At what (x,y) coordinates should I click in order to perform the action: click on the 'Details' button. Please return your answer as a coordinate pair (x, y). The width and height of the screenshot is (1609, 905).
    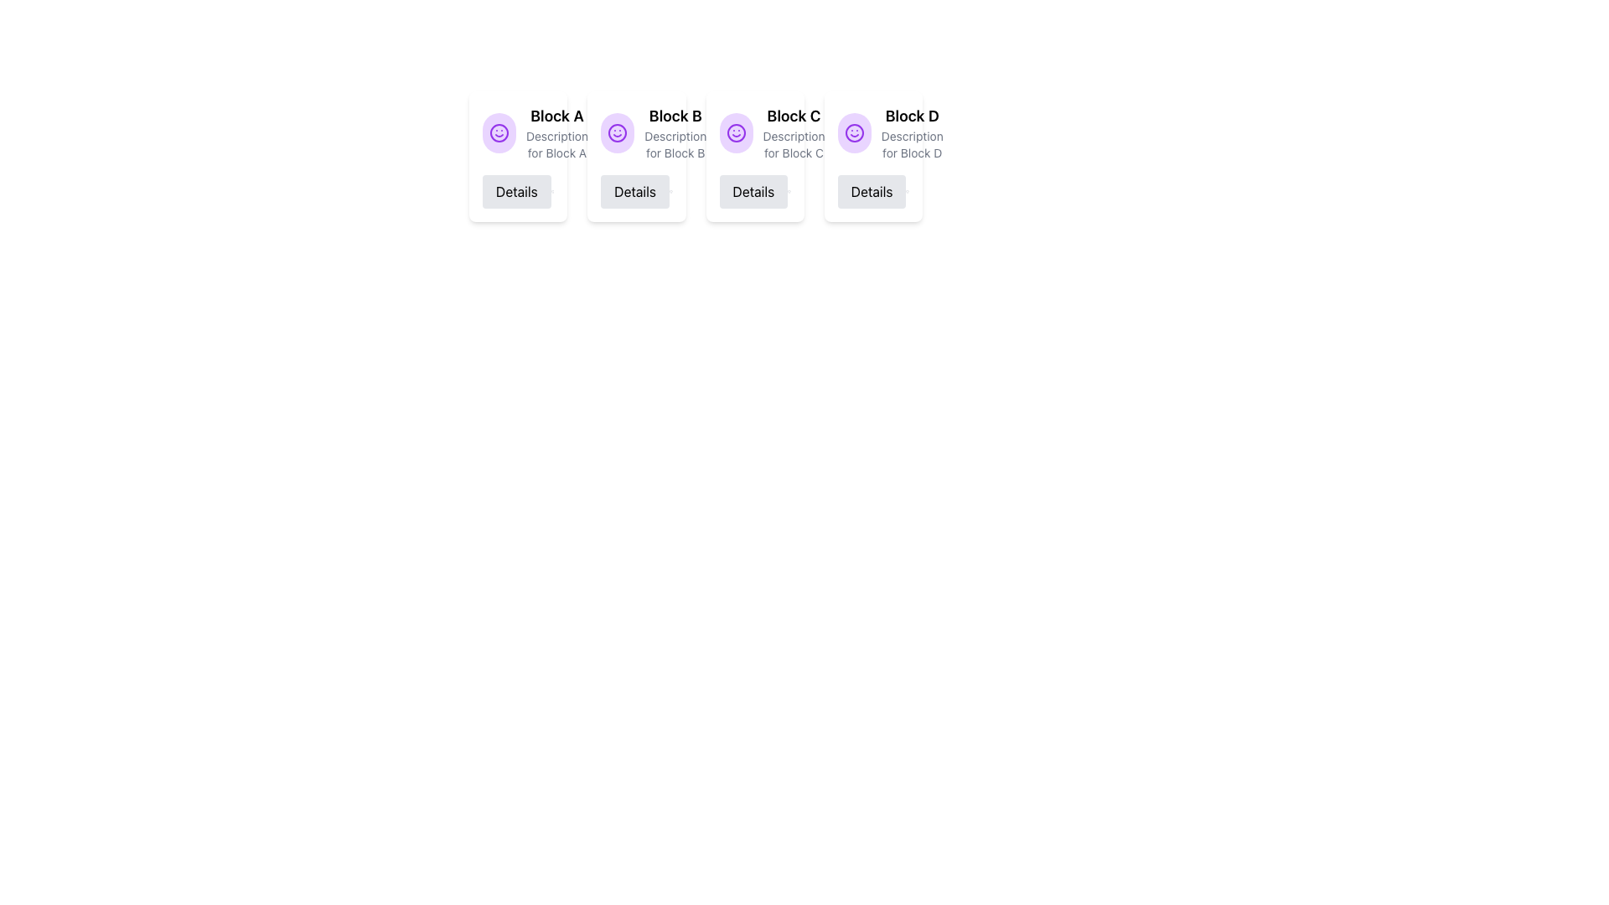
    Looking at the image, I should click on (515, 190).